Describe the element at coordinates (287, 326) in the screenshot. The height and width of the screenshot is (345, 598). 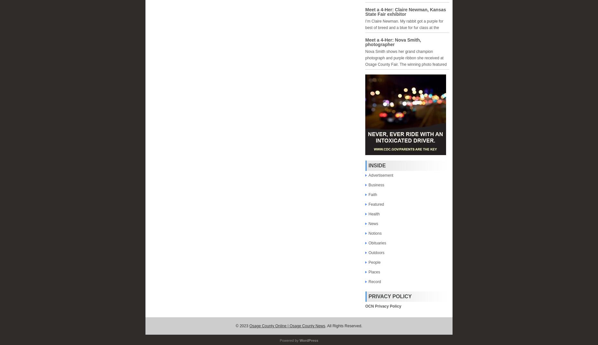
I see `'Osage County Online | Osage County News'` at that location.